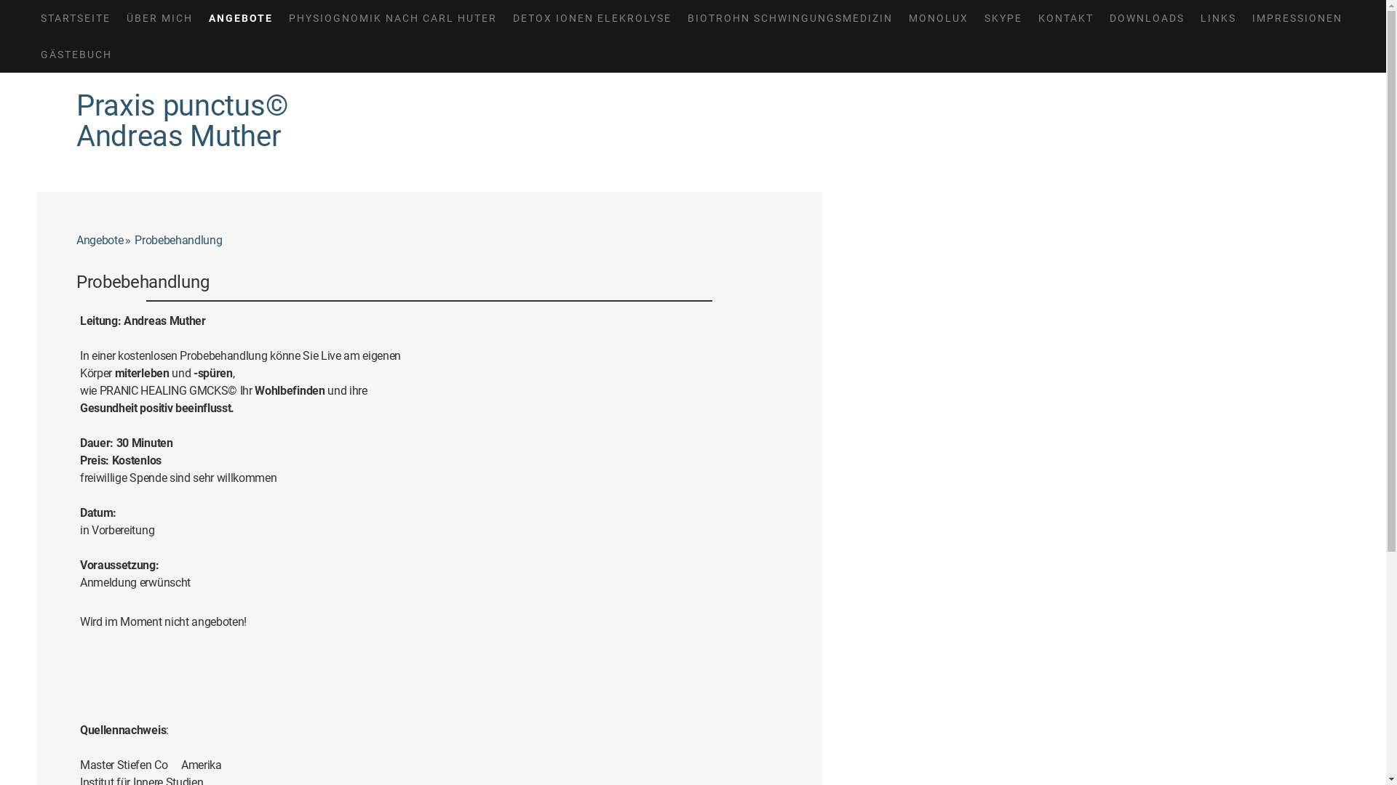  Describe the element at coordinates (1218, 17) in the screenshot. I see `'LINKS'` at that location.